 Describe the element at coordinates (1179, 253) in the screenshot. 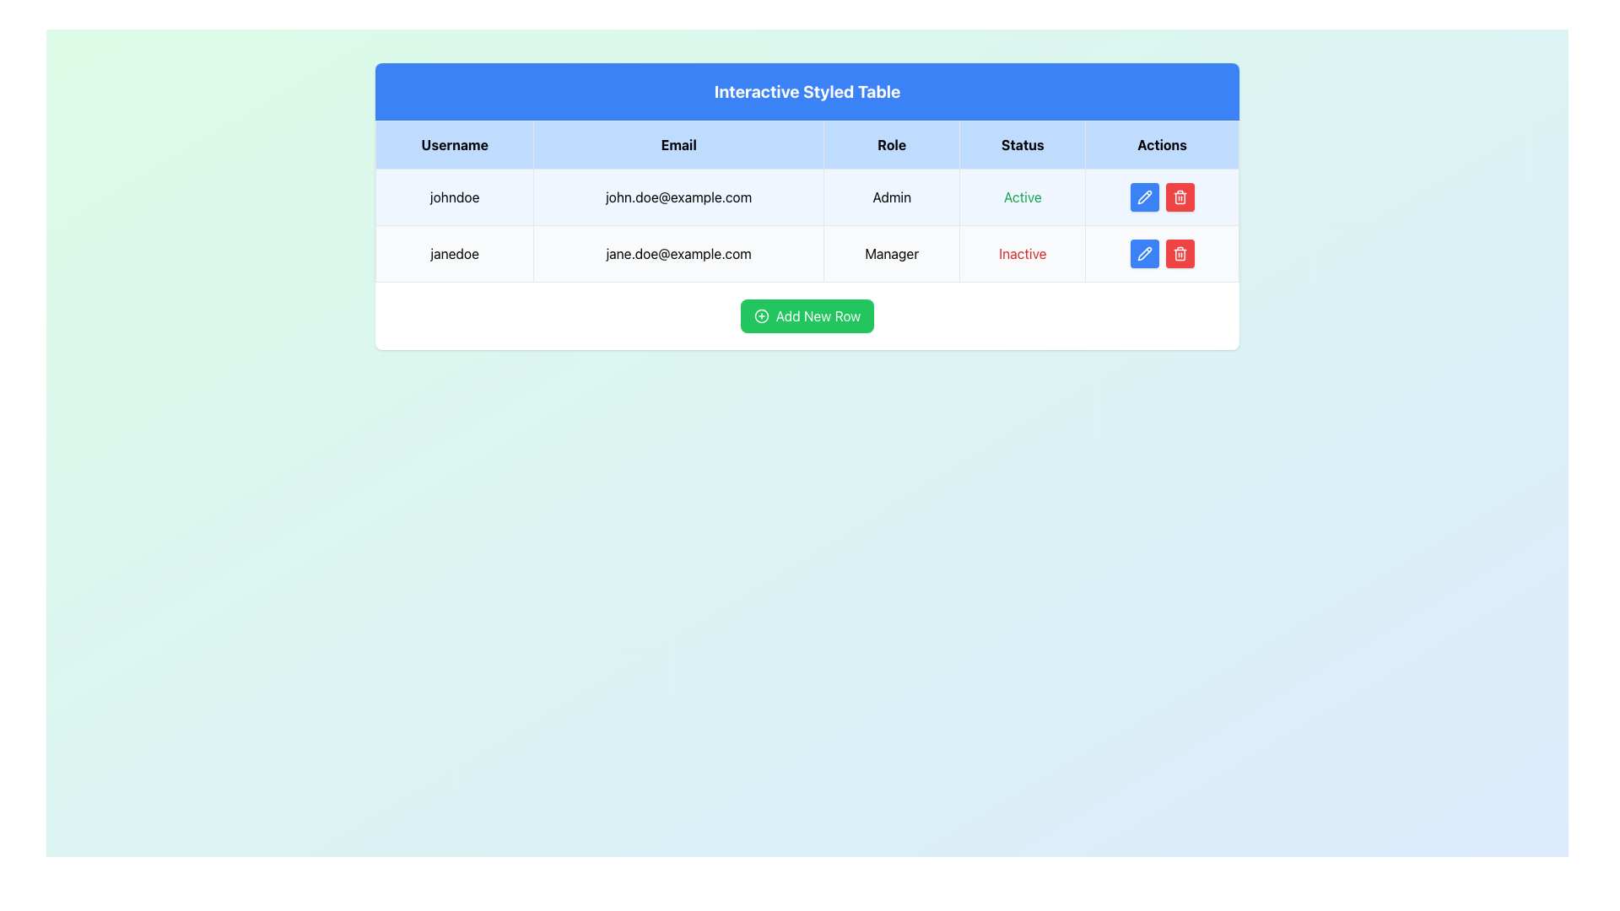

I see `the delete button, which is a compact button with a red background and a trash can icon, located in the 'Actions' column of the second row in the table` at that location.